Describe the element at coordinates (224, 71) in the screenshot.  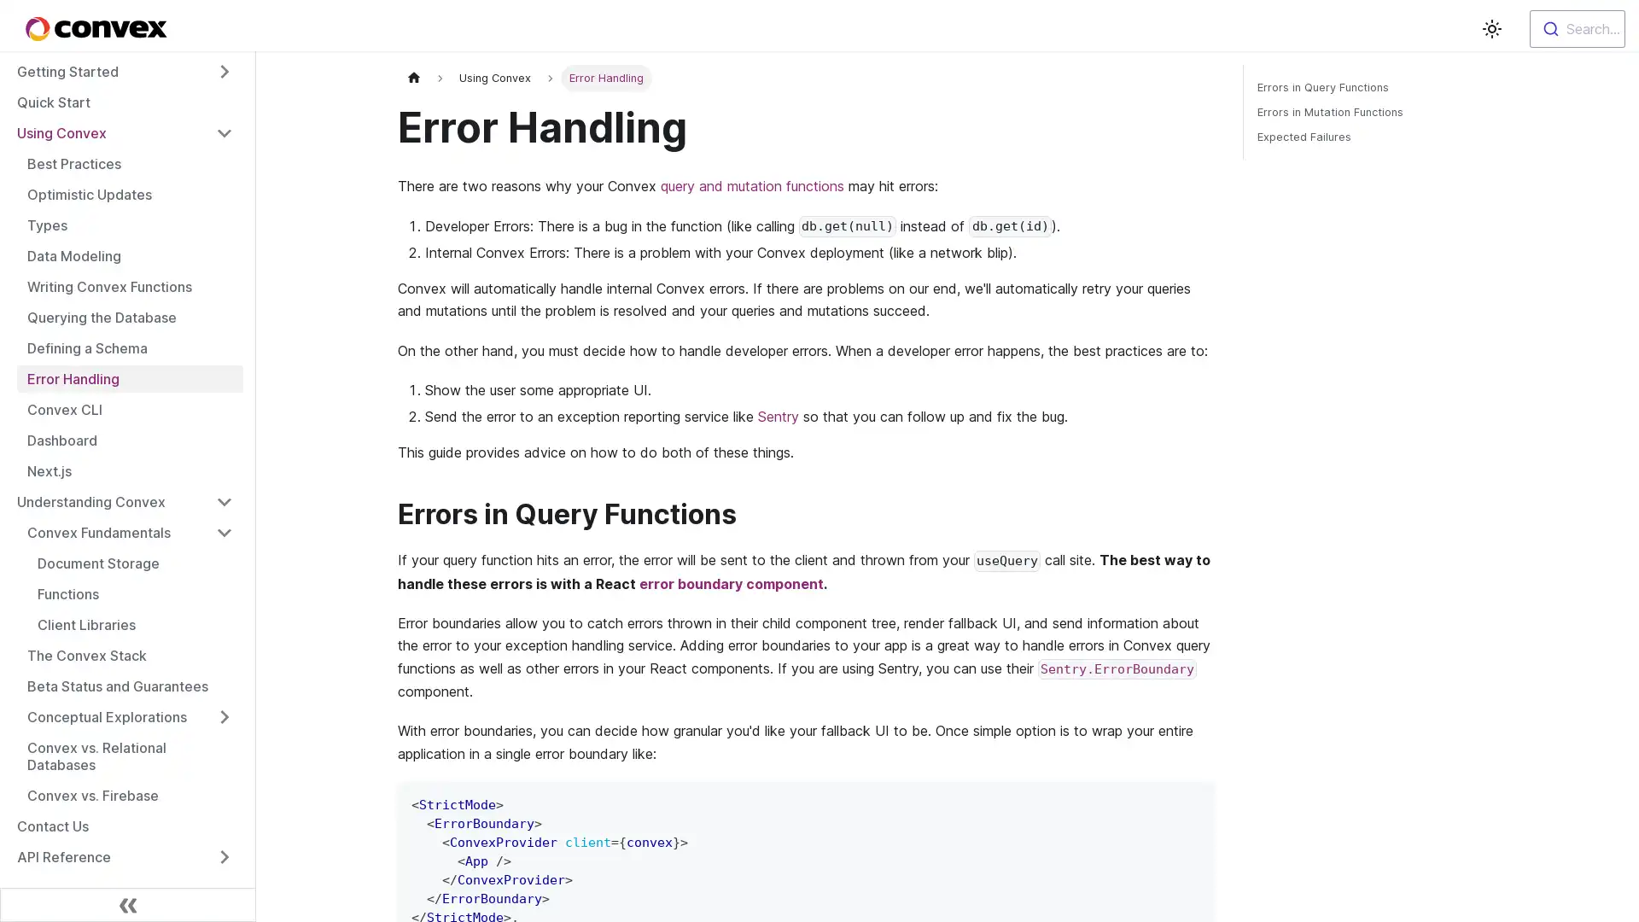
I see `Toggle the collapsible sidebar category 'Getting Started'` at that location.